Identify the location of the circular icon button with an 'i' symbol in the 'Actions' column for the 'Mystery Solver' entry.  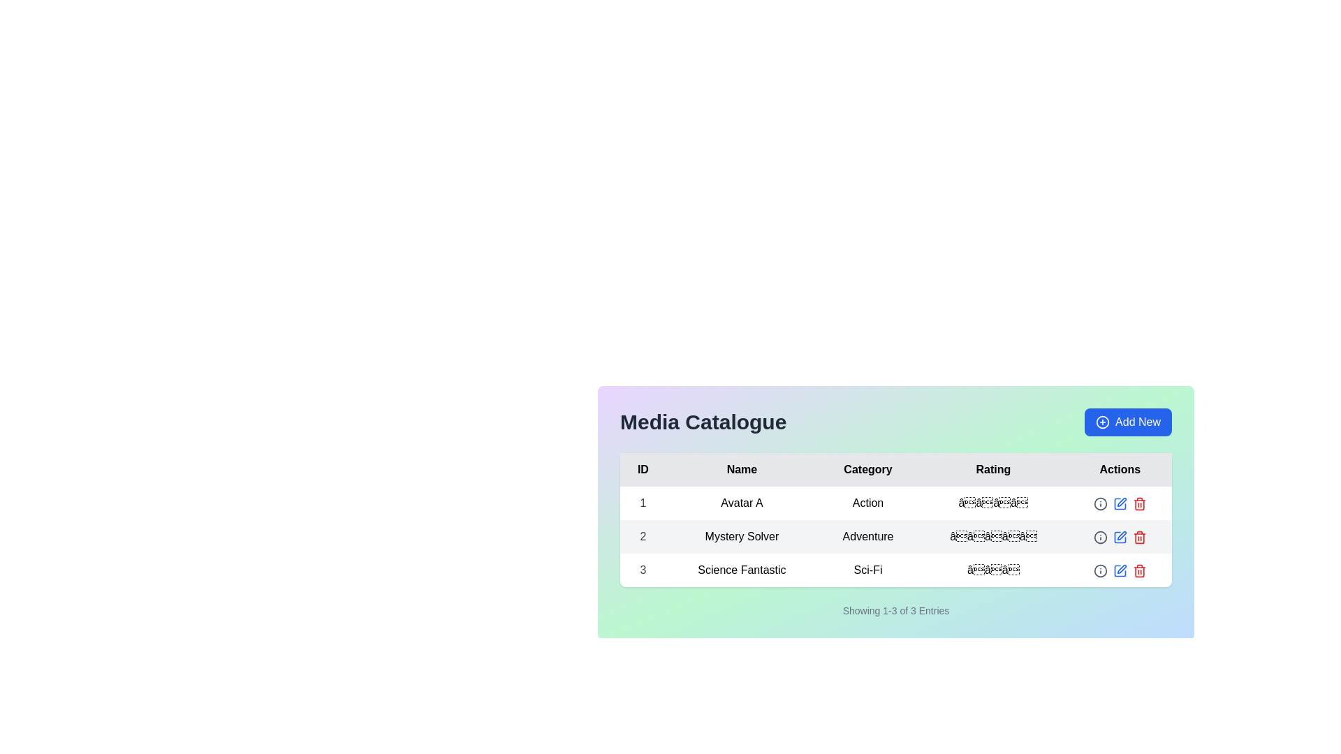
(1099, 536).